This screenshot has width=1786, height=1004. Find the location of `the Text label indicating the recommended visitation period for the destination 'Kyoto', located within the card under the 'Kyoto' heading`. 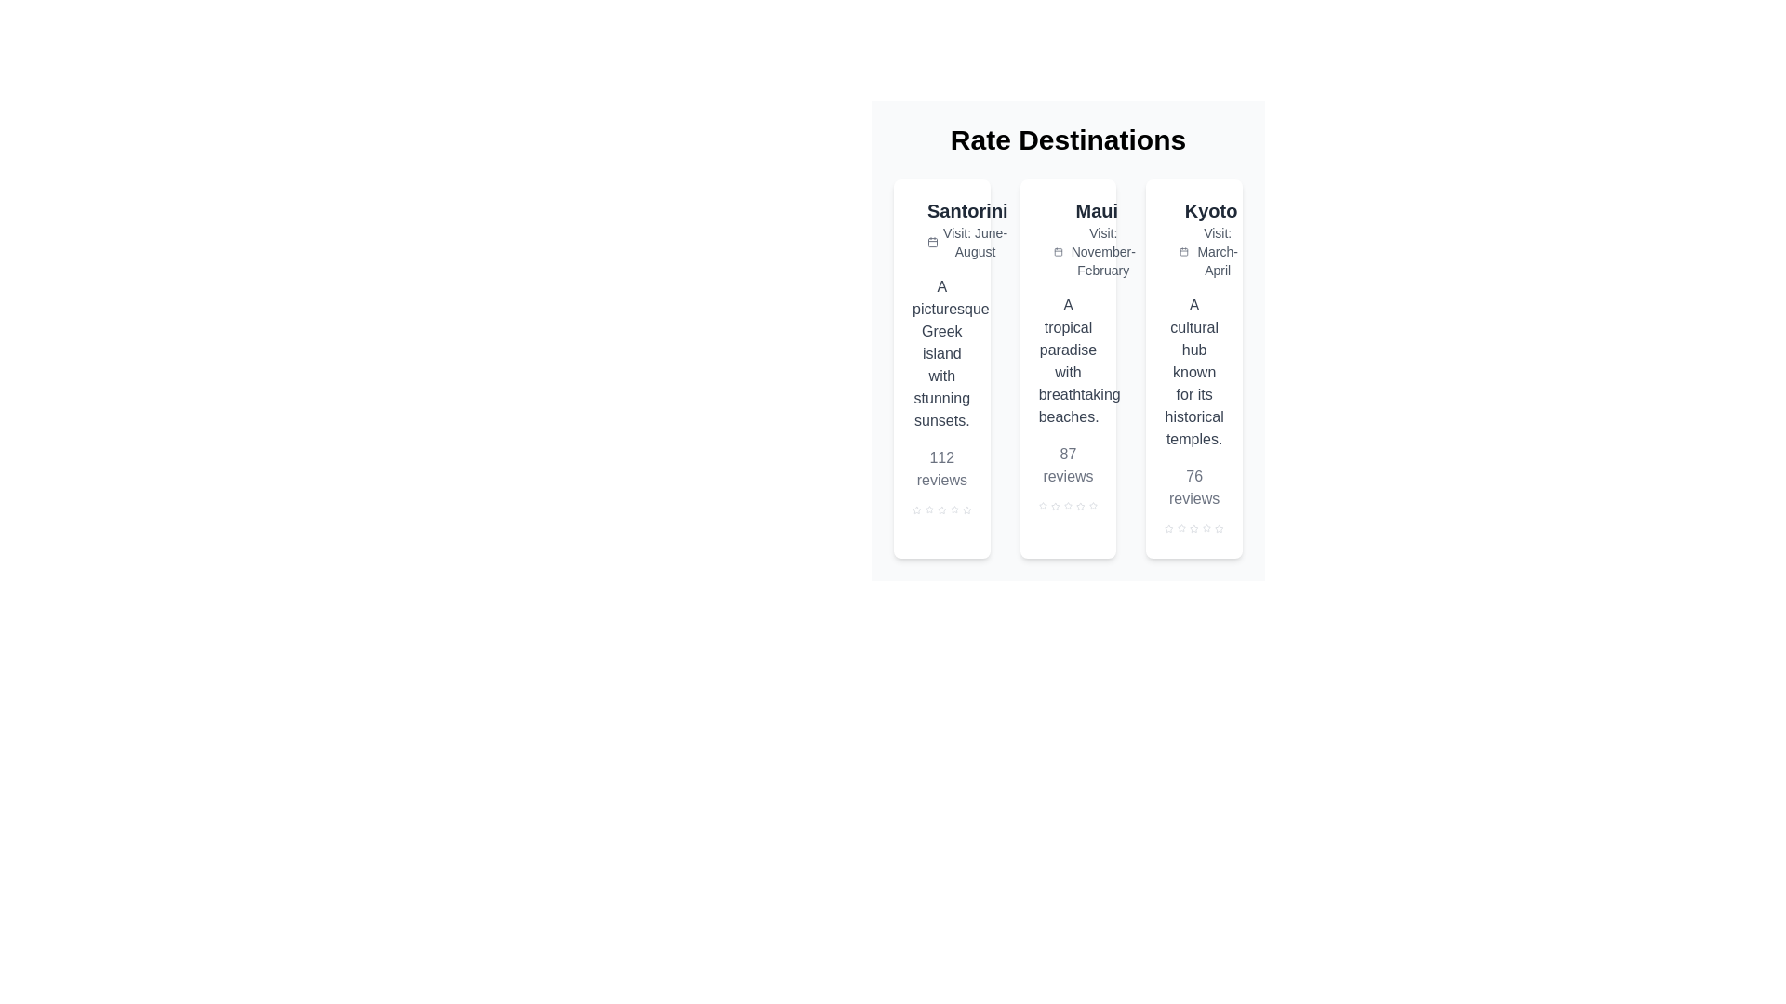

the Text label indicating the recommended visitation period for the destination 'Kyoto', located within the card under the 'Kyoto' heading is located at coordinates (1211, 251).